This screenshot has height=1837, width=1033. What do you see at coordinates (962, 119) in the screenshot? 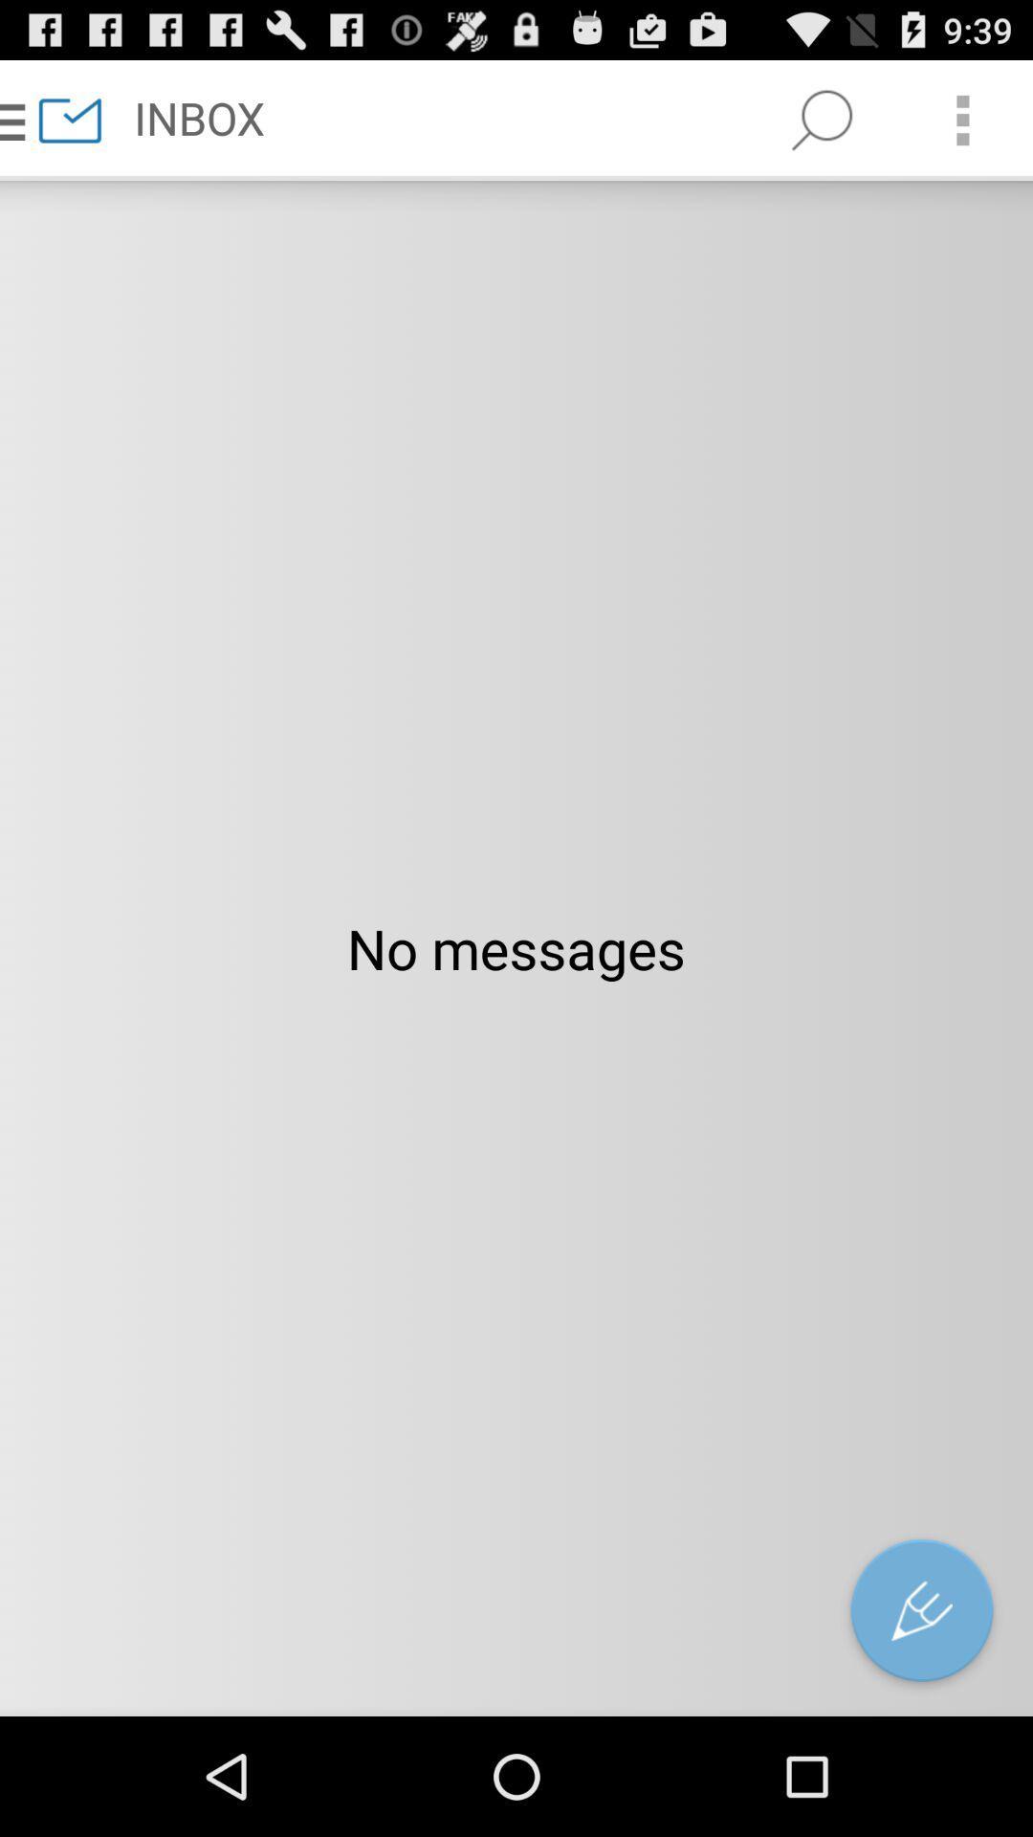
I see `app above no messages` at bounding box center [962, 119].